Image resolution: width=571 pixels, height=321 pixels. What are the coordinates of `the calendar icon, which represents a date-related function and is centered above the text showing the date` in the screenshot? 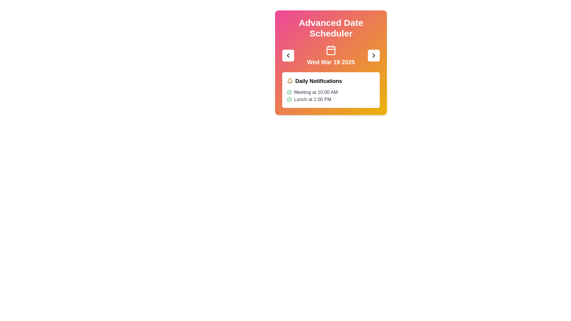 It's located at (331, 50).